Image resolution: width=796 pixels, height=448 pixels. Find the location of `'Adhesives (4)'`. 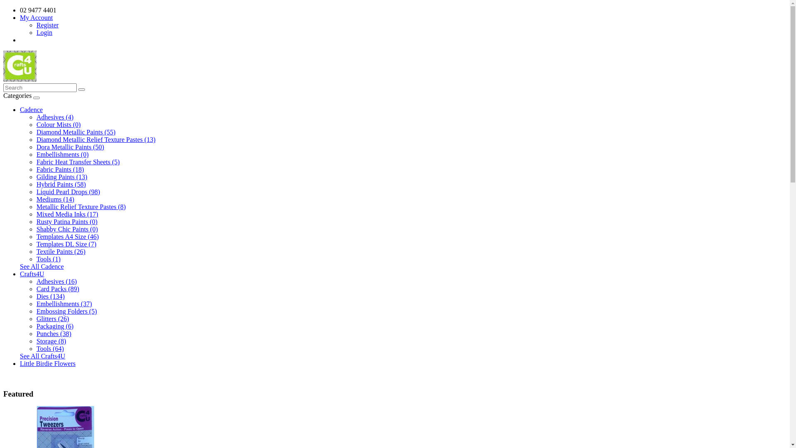

'Adhesives (4)' is located at coordinates (36, 117).